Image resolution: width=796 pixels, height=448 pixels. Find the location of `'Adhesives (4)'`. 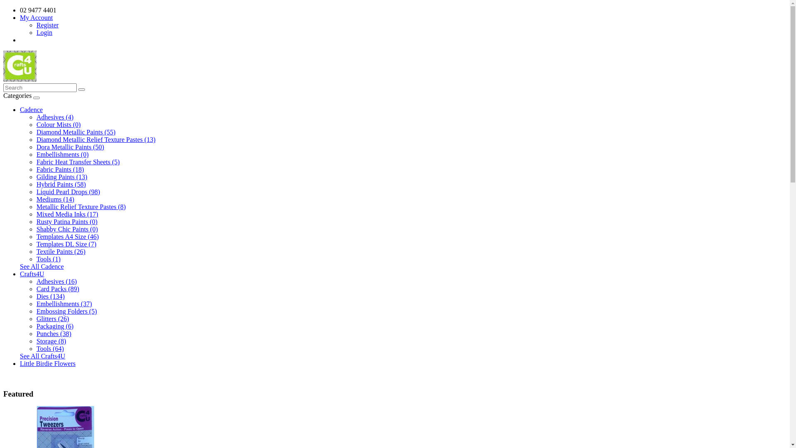

'Adhesives (4)' is located at coordinates (36, 117).